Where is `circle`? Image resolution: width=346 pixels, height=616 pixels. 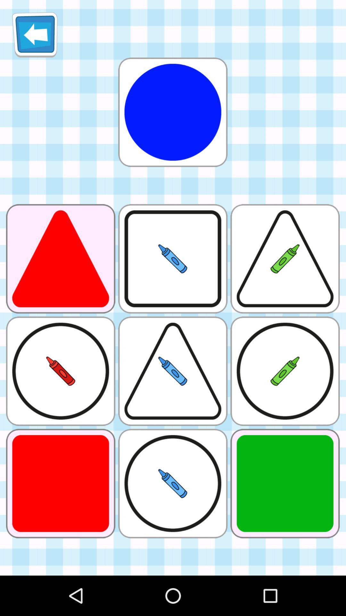
circle is located at coordinates (172, 112).